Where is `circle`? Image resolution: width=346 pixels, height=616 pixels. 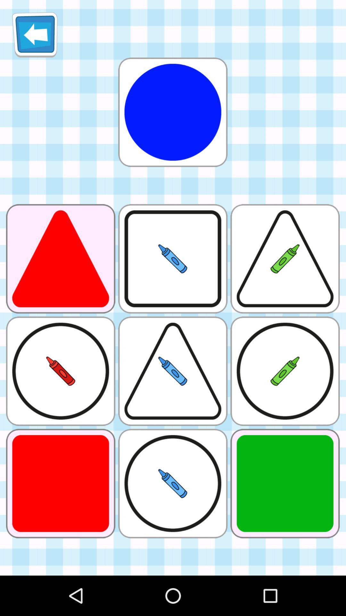
circle is located at coordinates (172, 112).